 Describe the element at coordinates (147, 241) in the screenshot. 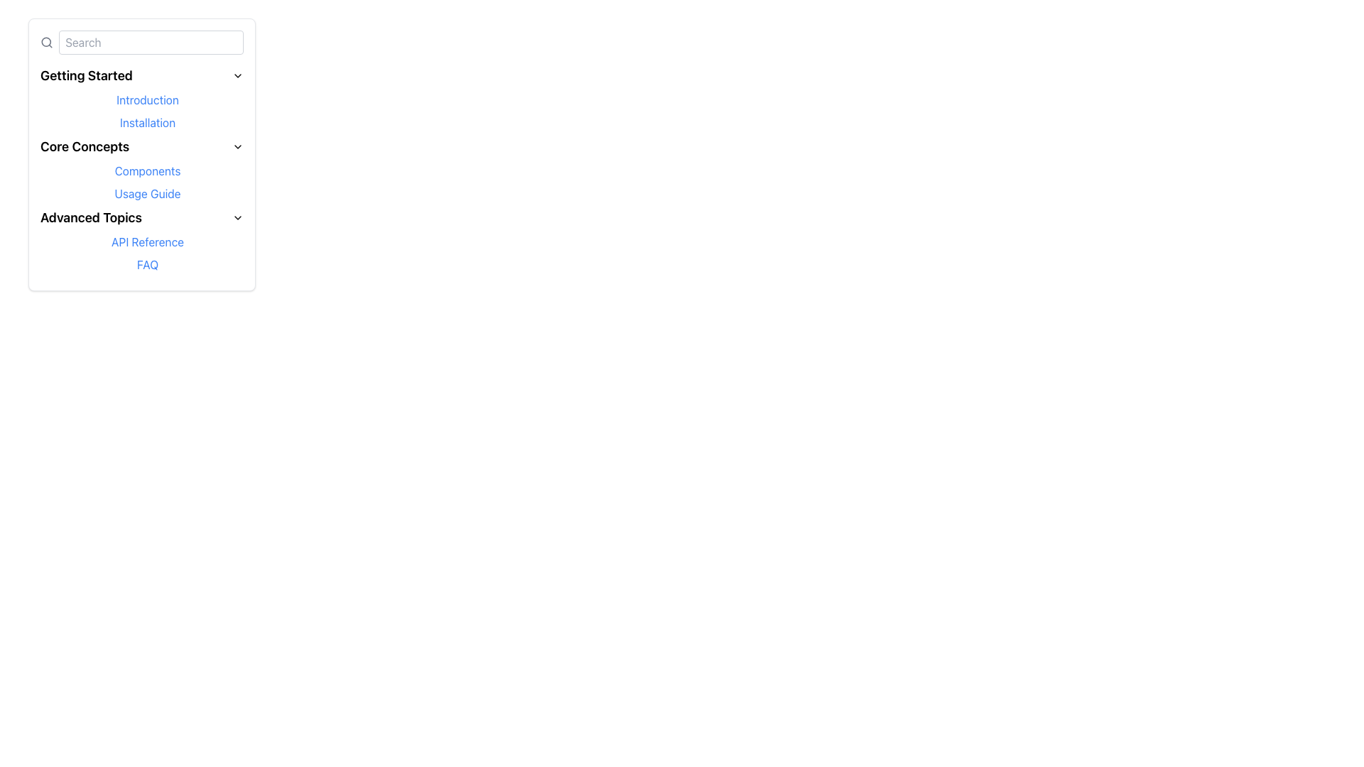

I see `the 'API Reference' hyperlink, which is styled in blue and underlined` at that location.